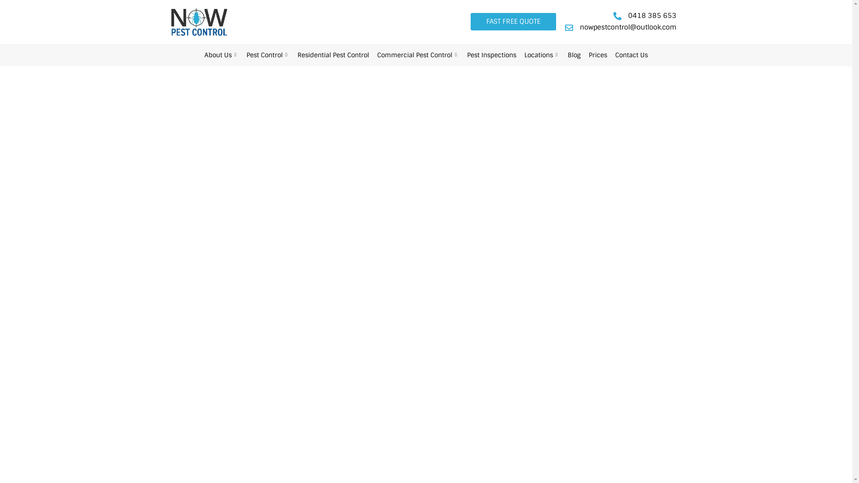  What do you see at coordinates (268, 55) in the screenshot?
I see `'Pest Control'` at bounding box center [268, 55].